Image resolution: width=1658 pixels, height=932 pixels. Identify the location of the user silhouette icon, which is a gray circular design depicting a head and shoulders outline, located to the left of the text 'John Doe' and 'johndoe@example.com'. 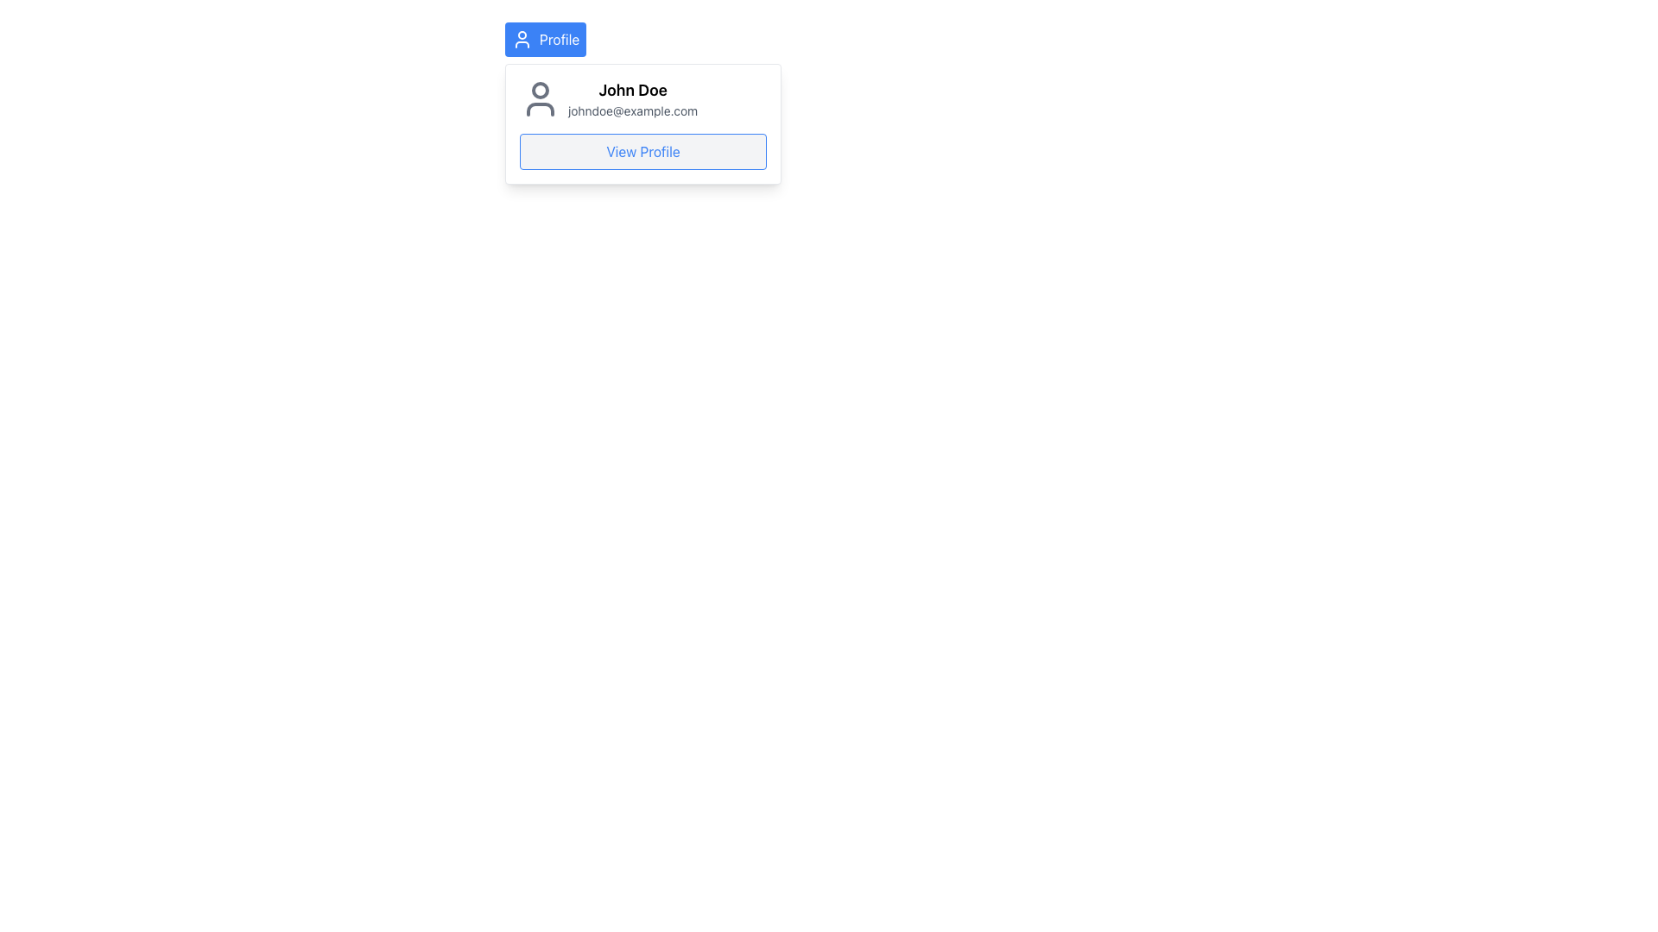
(539, 99).